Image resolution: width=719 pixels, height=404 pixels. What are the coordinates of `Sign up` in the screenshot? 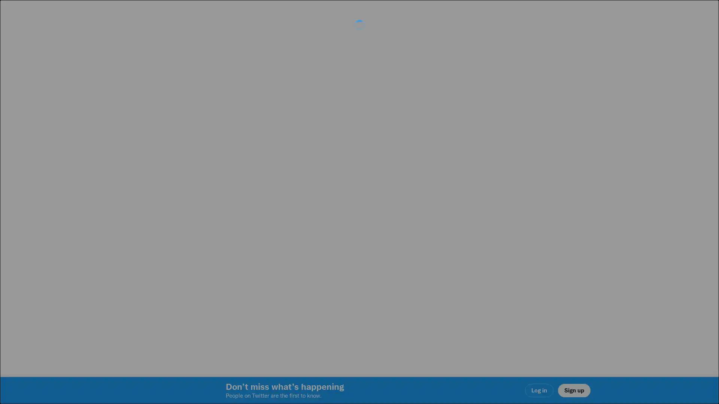 It's located at (270, 255).